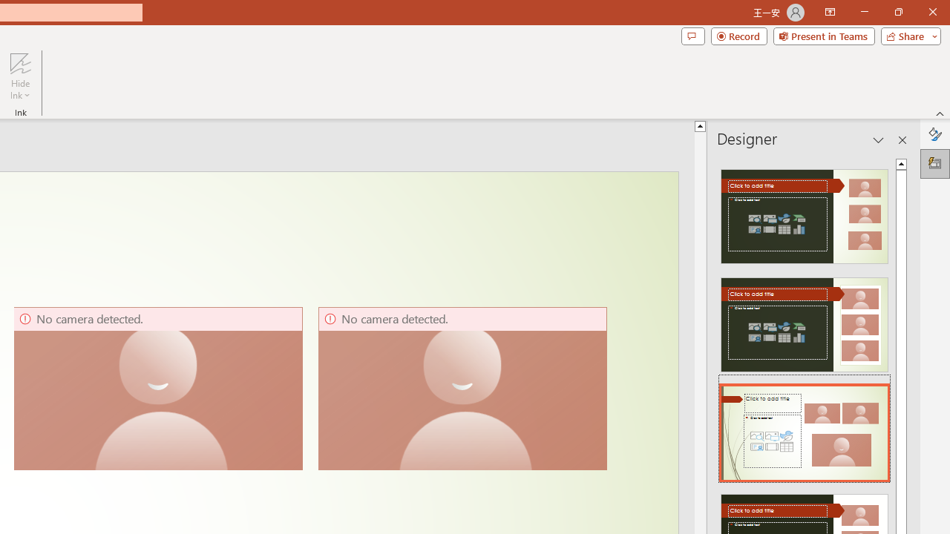 The width and height of the screenshot is (950, 534). What do you see at coordinates (462, 388) in the screenshot?
I see `'Camera 3, No camera detected.'` at bounding box center [462, 388].